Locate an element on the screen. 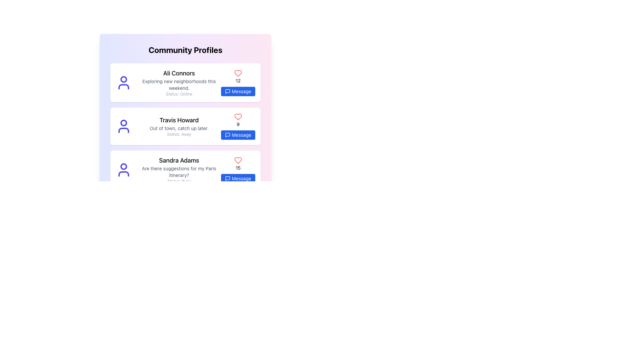  the circular graphic icon resembling a user profile image in the third card of 'Sandra Adams' in the 'Community Profiles' section is located at coordinates (124, 169).